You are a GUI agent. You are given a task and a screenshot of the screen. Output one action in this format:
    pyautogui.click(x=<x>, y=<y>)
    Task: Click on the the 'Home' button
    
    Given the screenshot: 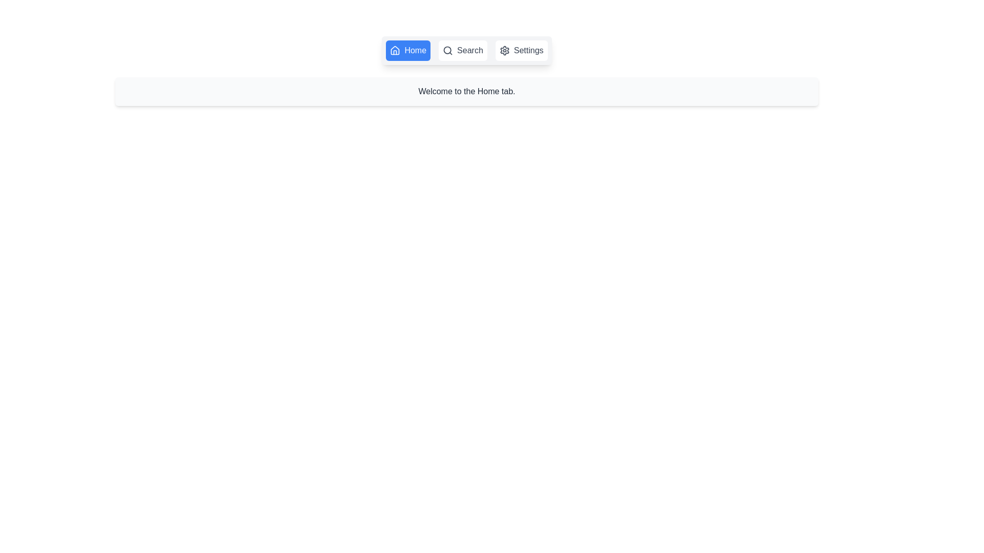 What is the action you would take?
    pyautogui.click(x=407, y=51)
    